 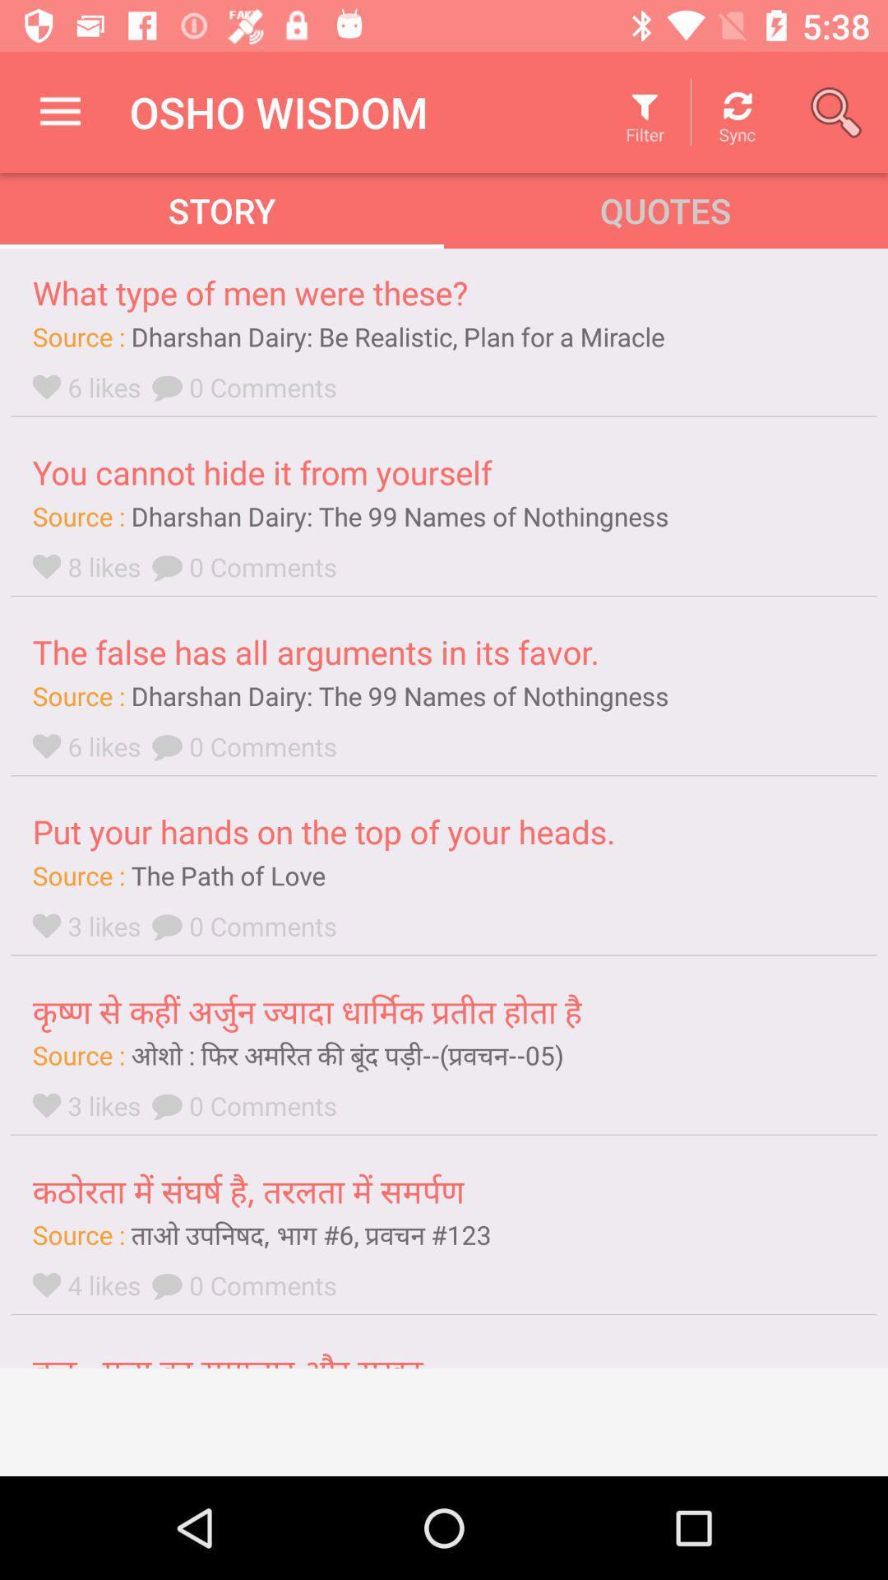 I want to click on icon next to the osho wisdom item, so click(x=59, y=111).